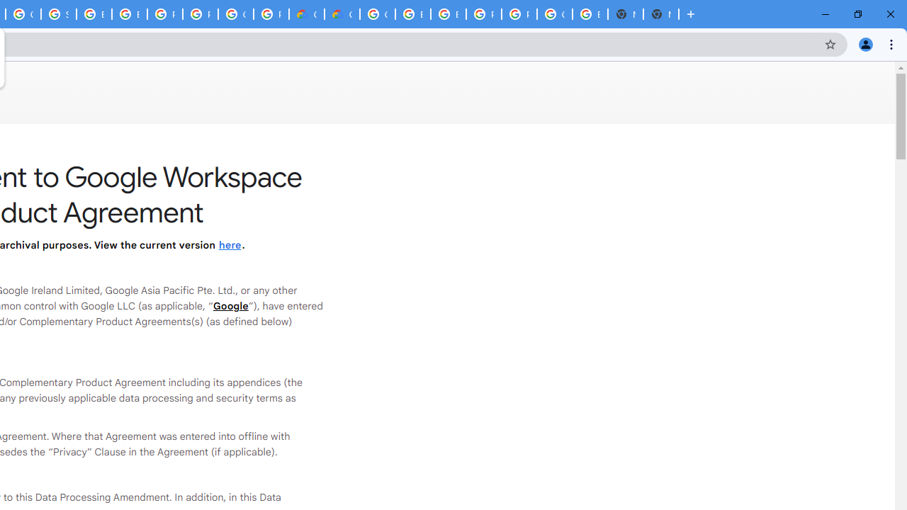  Describe the element at coordinates (412, 14) in the screenshot. I see `'Browse Chrome as a guest - Computer - Google Chrome Help'` at that location.